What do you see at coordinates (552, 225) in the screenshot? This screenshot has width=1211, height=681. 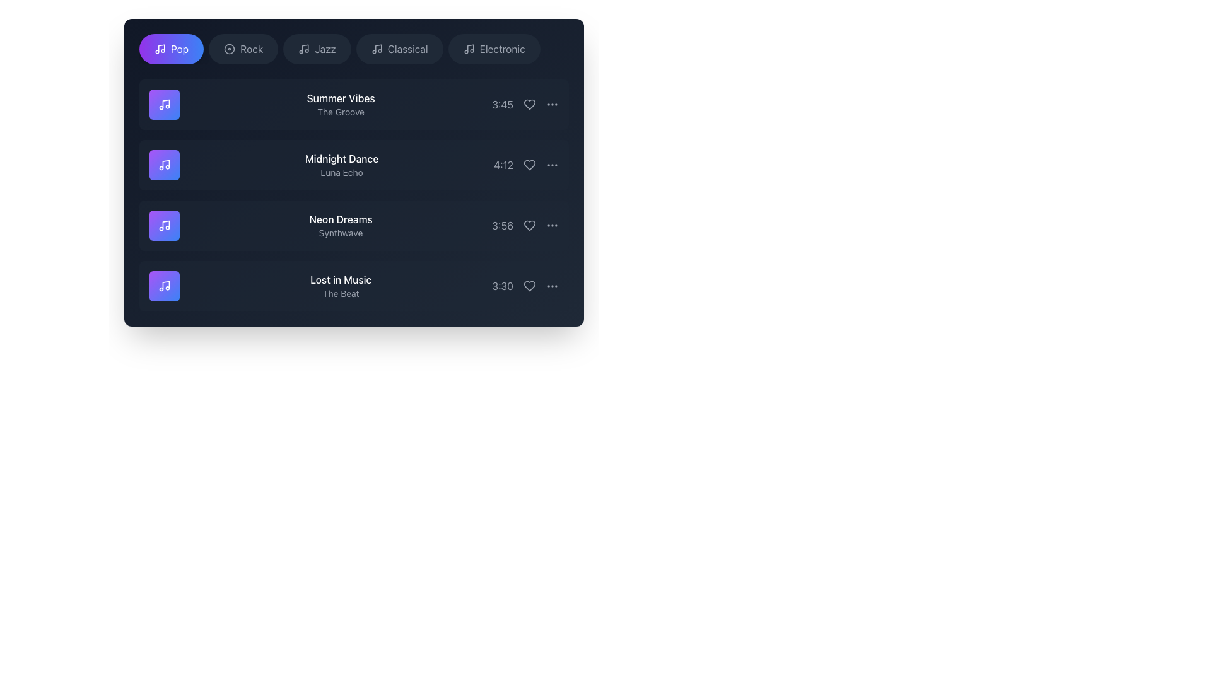 I see `the ellipsis menu button located adjacent to the heart icon and aligned with the time label '3:56'` at bounding box center [552, 225].